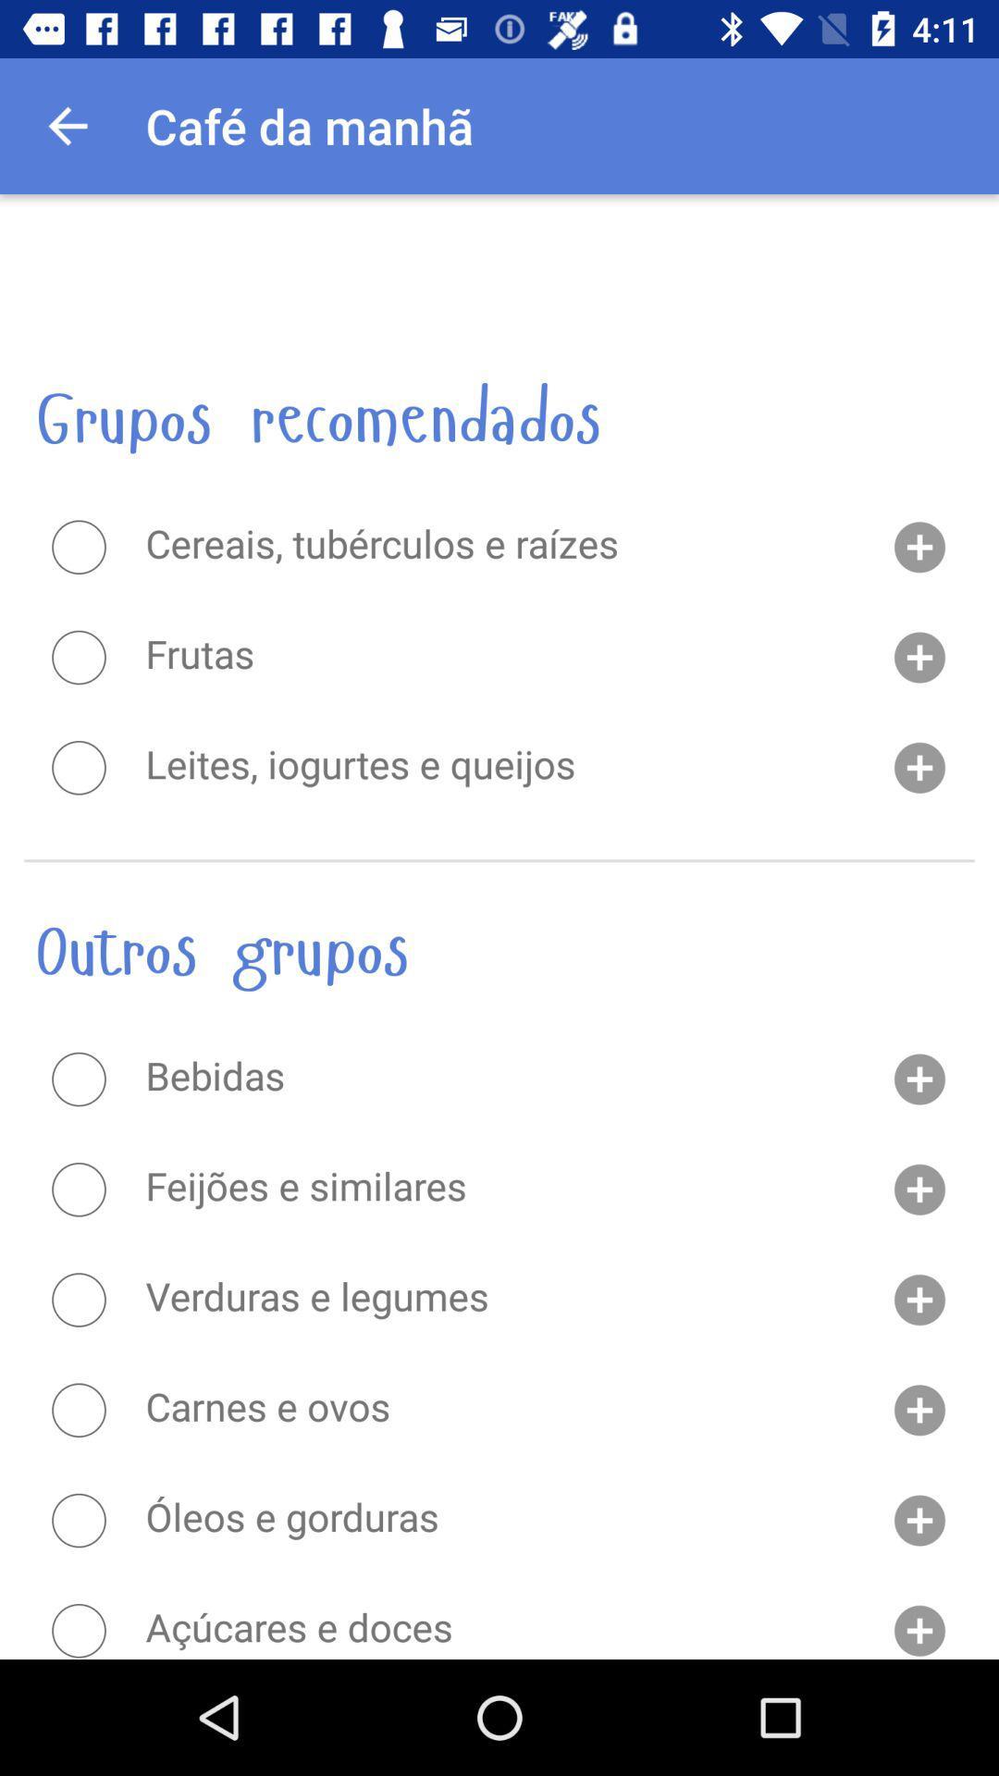  I want to click on a blank clickable circle that when pressed selects an item, so click(78, 546).